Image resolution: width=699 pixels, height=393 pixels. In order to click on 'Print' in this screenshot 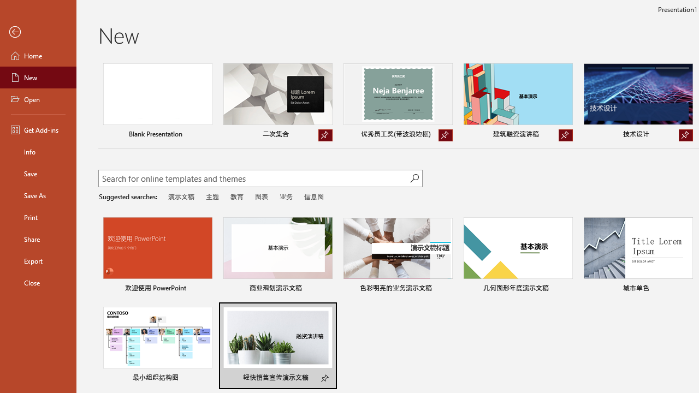, I will do `click(38, 217)`.